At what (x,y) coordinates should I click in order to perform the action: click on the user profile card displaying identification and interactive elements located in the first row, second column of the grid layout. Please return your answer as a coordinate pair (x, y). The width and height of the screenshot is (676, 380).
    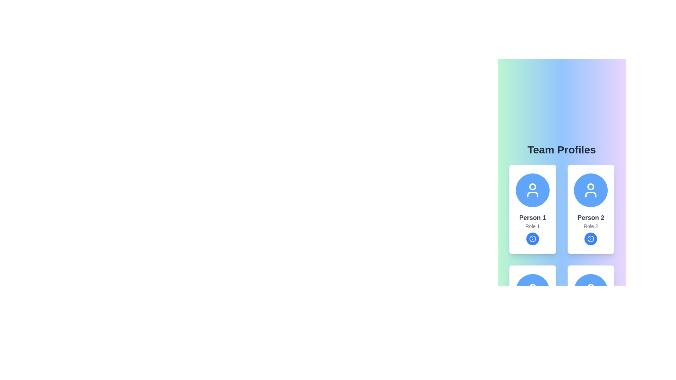
    Looking at the image, I should click on (591, 209).